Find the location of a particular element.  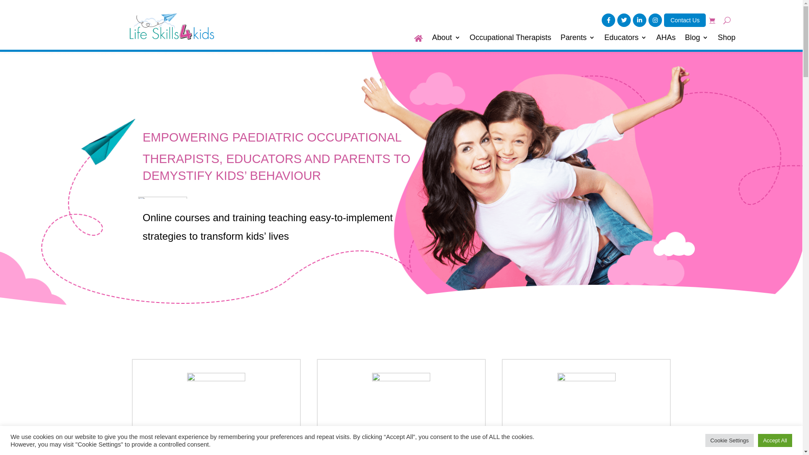

'lines' is located at coordinates (162, 198).